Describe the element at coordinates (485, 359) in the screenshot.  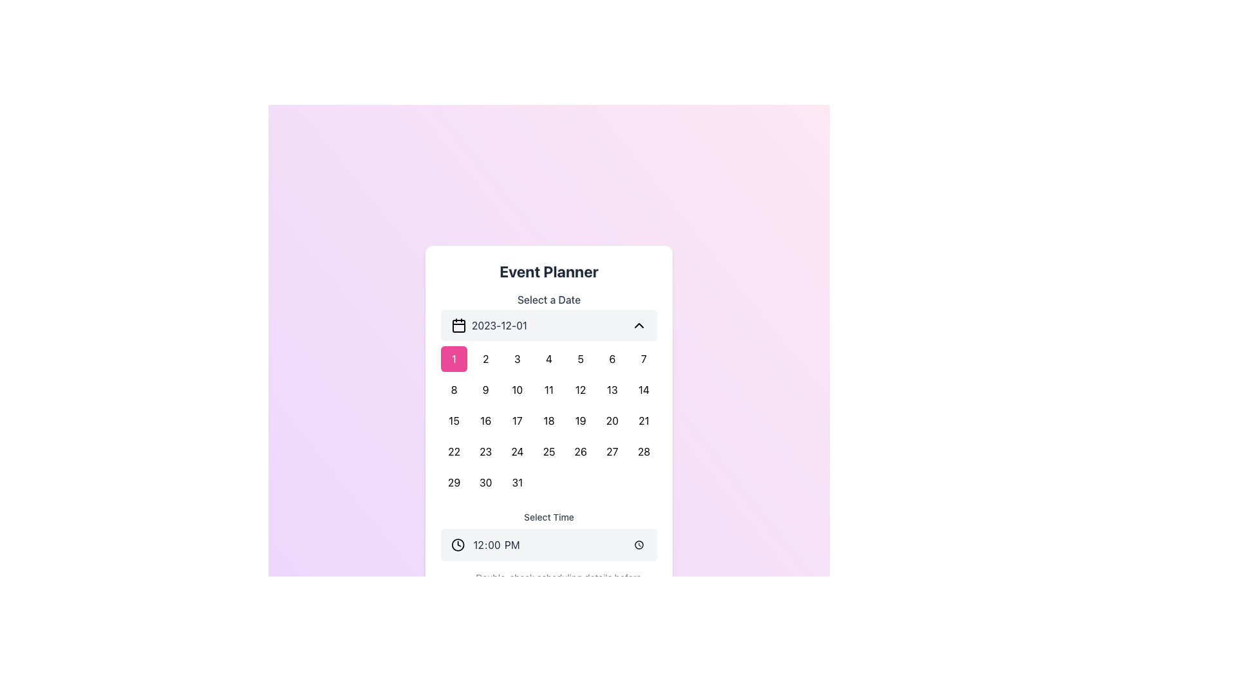
I see `the selectable date button for the 2nd day in the calendar grid to observe the hover effect` at that location.